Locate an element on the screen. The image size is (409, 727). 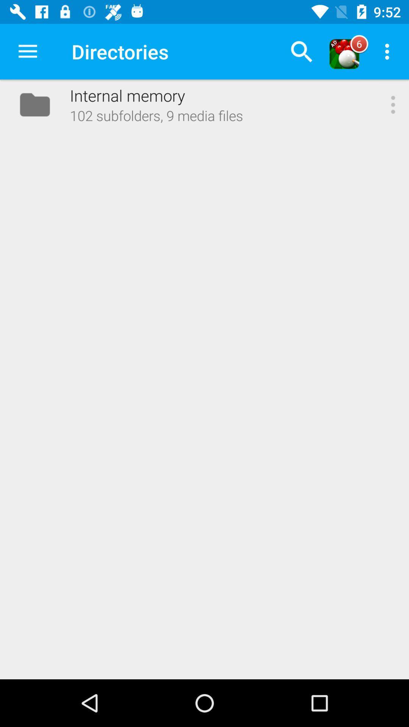
the app to the right of directories is located at coordinates (301, 51).